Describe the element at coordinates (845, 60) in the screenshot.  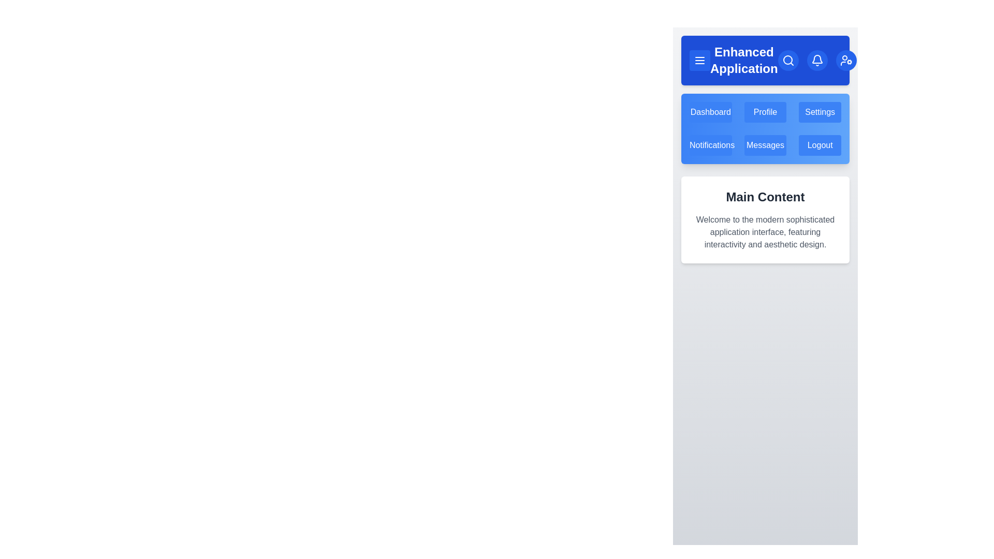
I see `the user cog button to access user settings` at that location.